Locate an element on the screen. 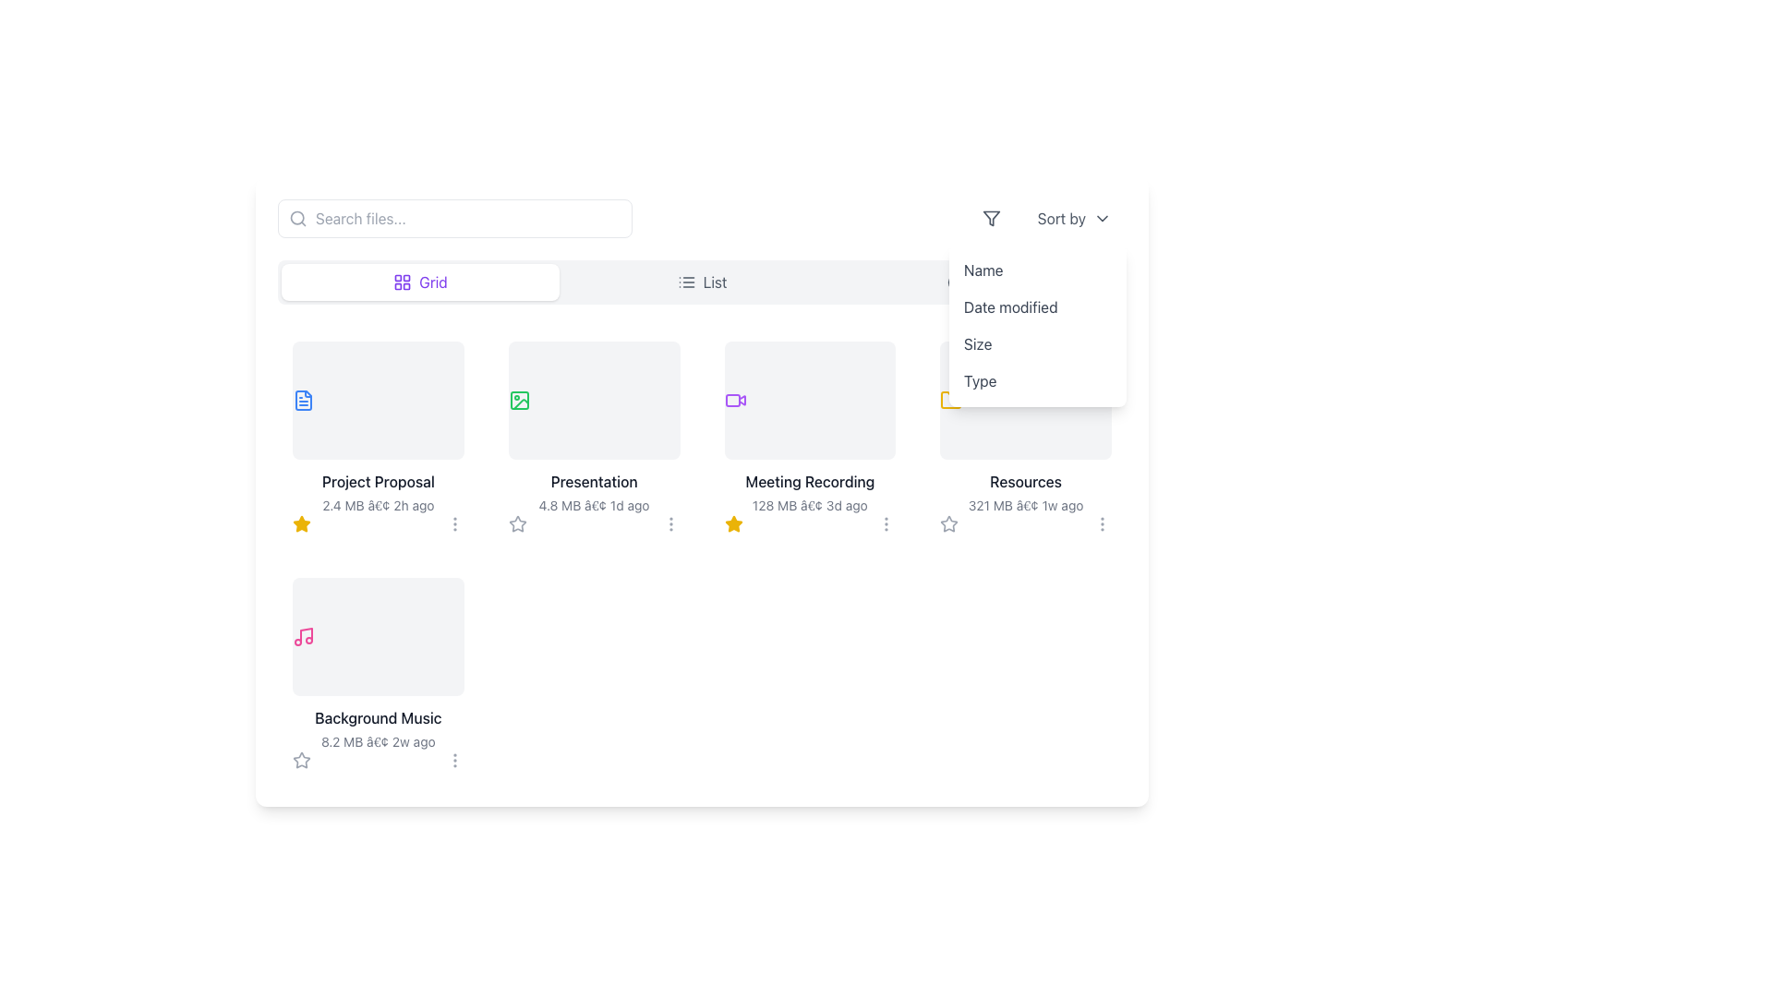  the folder-shaped icon with a yellow coloring that has a rounded rectangular appearance and a notch on the upper left corner, located at the top center of a card with a gray background is located at coordinates (951, 400).